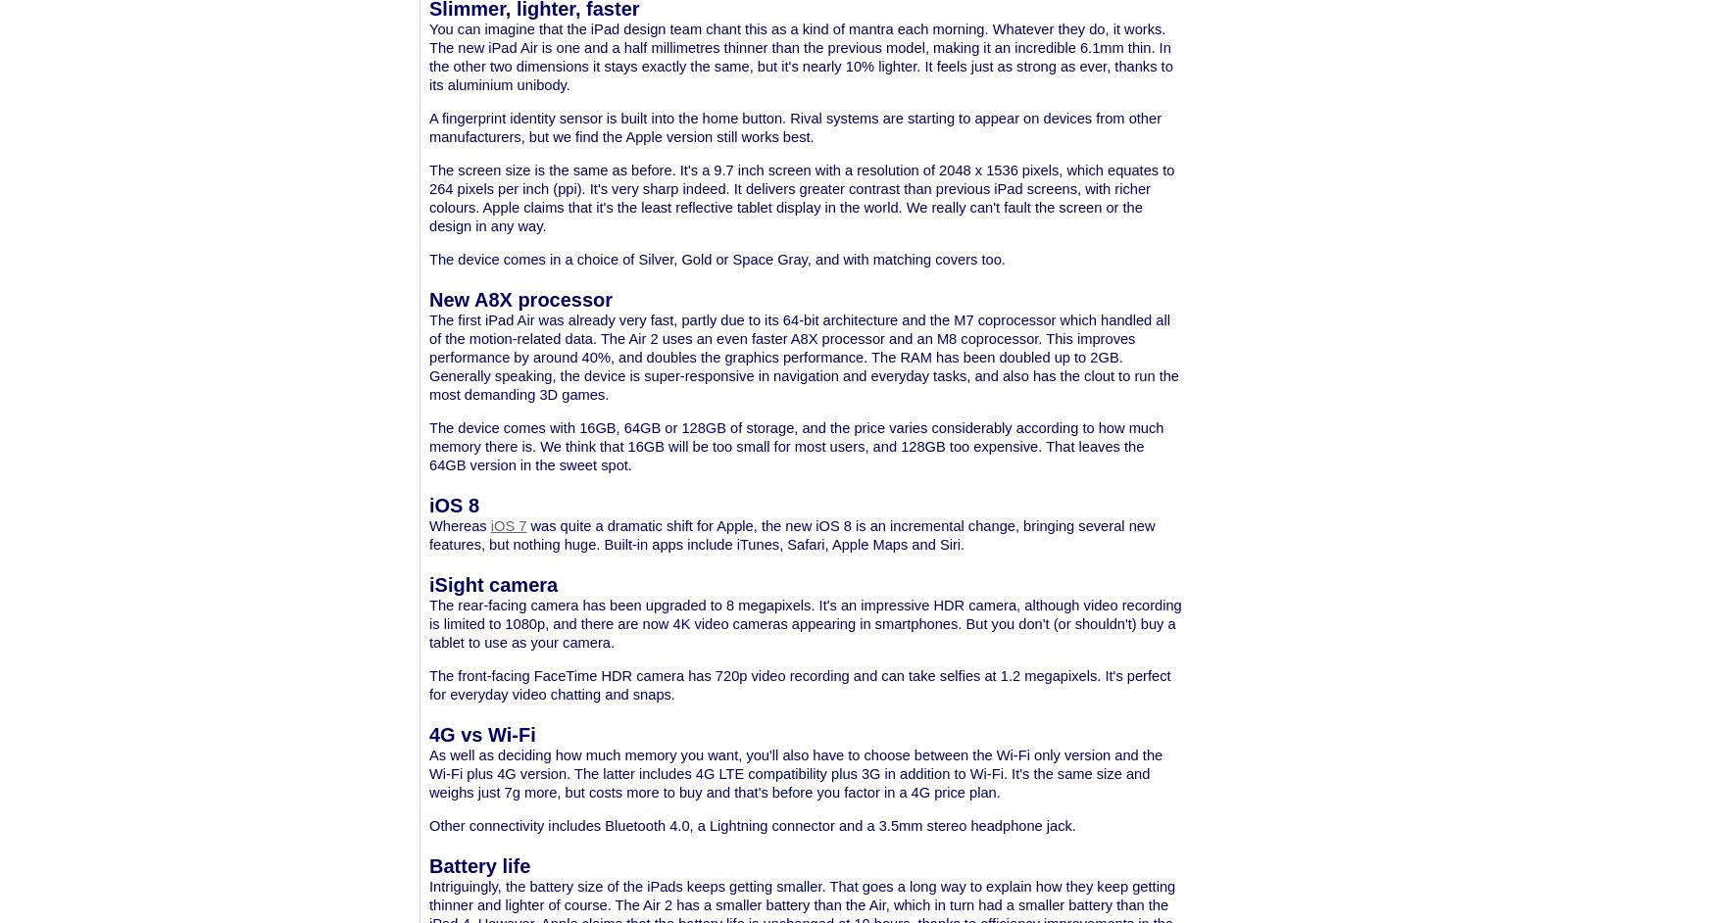 The height and width of the screenshot is (923, 1731). What do you see at coordinates (454, 504) in the screenshot?
I see `'iOS 8'` at bounding box center [454, 504].